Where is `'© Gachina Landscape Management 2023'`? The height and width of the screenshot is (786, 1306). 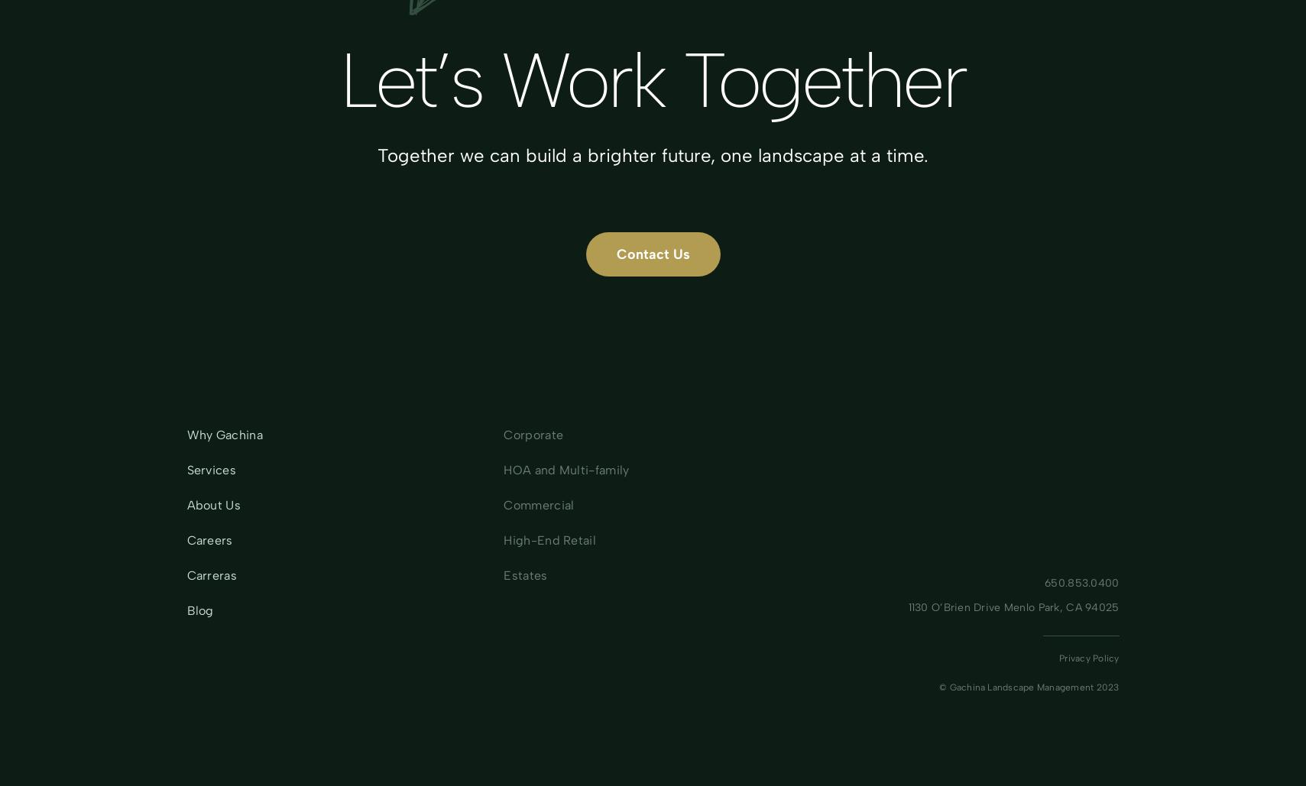 '© Gachina Landscape Management 2023' is located at coordinates (938, 687).